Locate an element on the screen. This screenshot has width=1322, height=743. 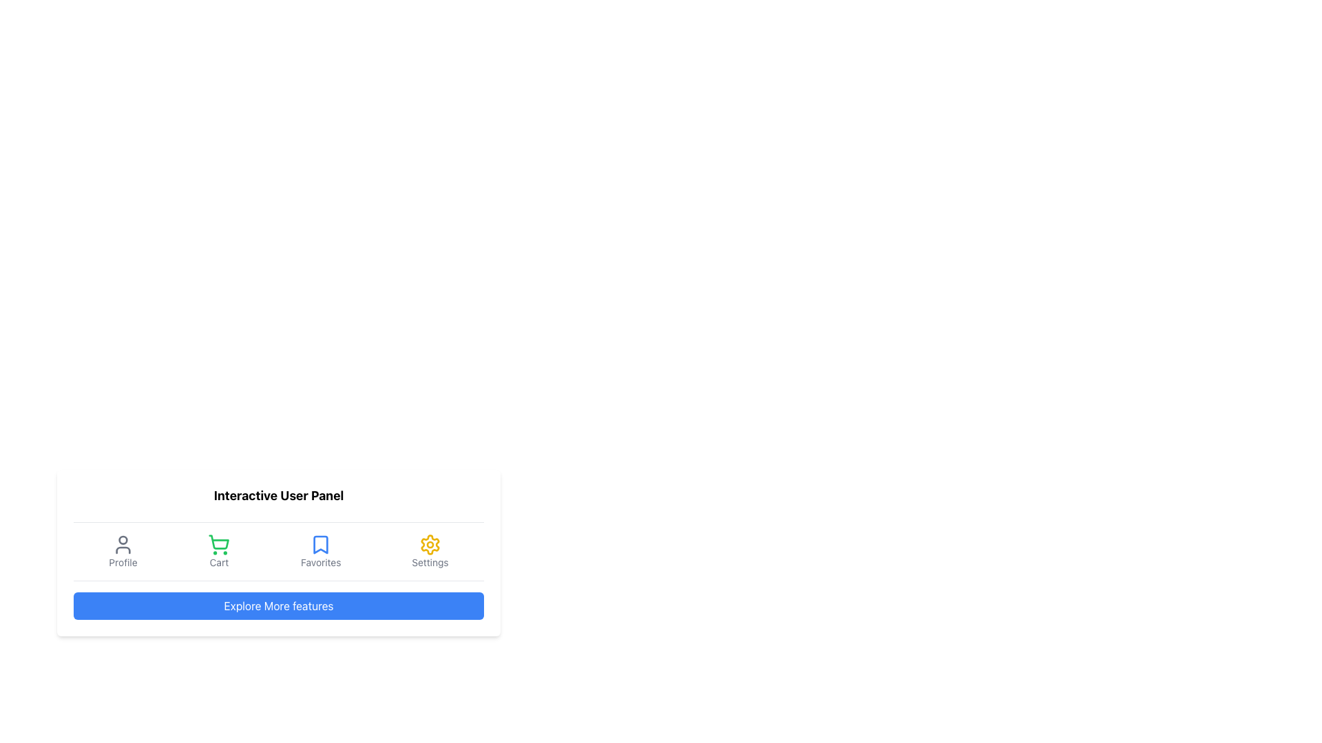
the yellow gear-shaped icon representing the 'Settings' button located at the bottom-right corner of the user panel UI is located at coordinates (429, 543).